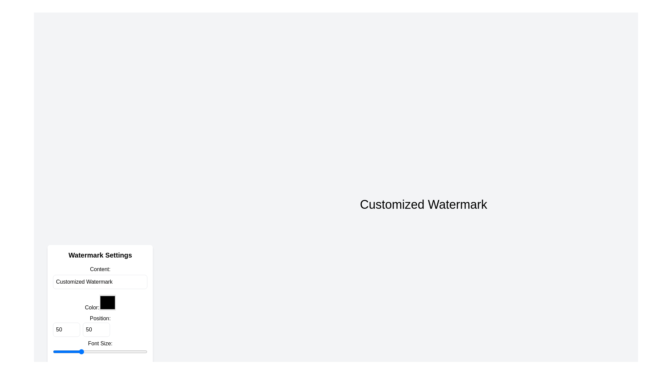  I want to click on the text input box located beneath the label 'Content:' in the 'Watermark Settings' panel, so click(100, 282).